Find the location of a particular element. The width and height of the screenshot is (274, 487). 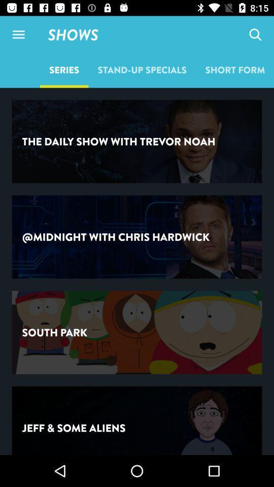

the item above the short form icon is located at coordinates (255, 34).